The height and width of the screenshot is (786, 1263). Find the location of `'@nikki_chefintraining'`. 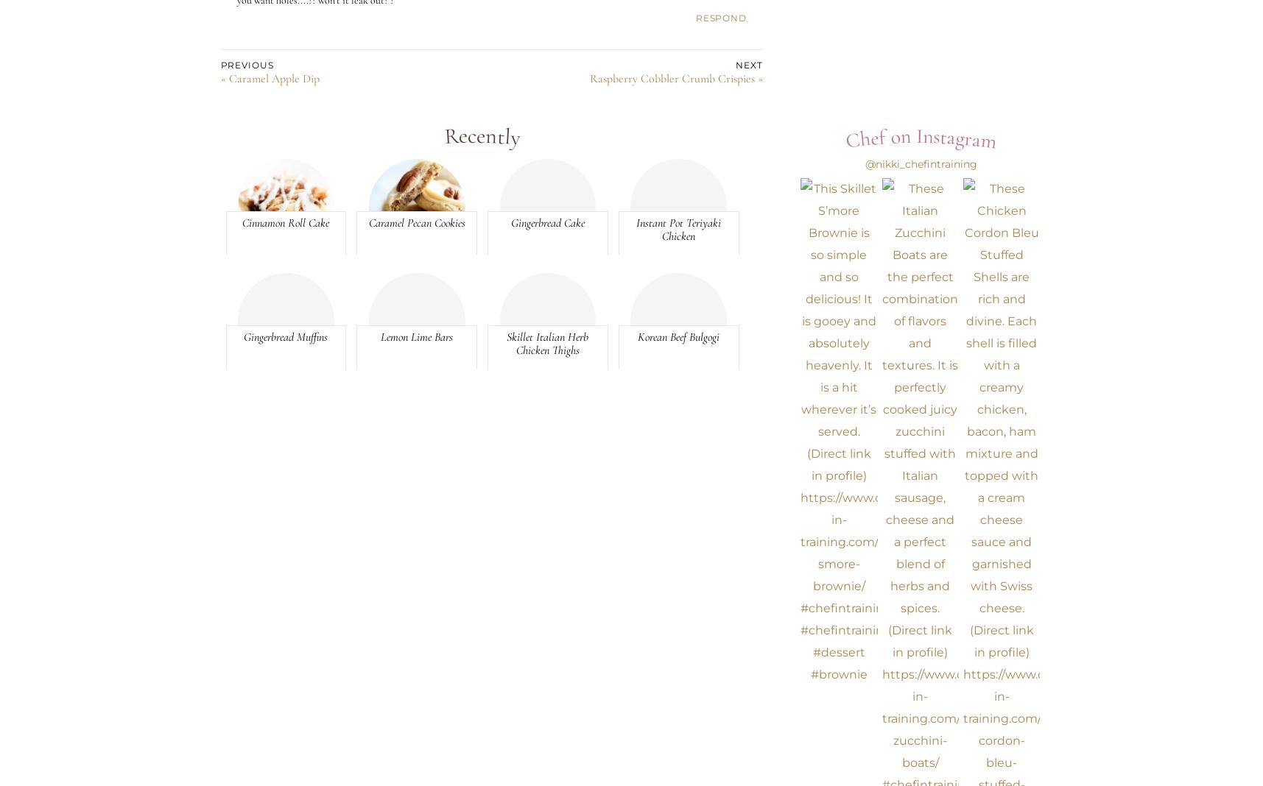

'@nikki_chefintraining' is located at coordinates (865, 163).